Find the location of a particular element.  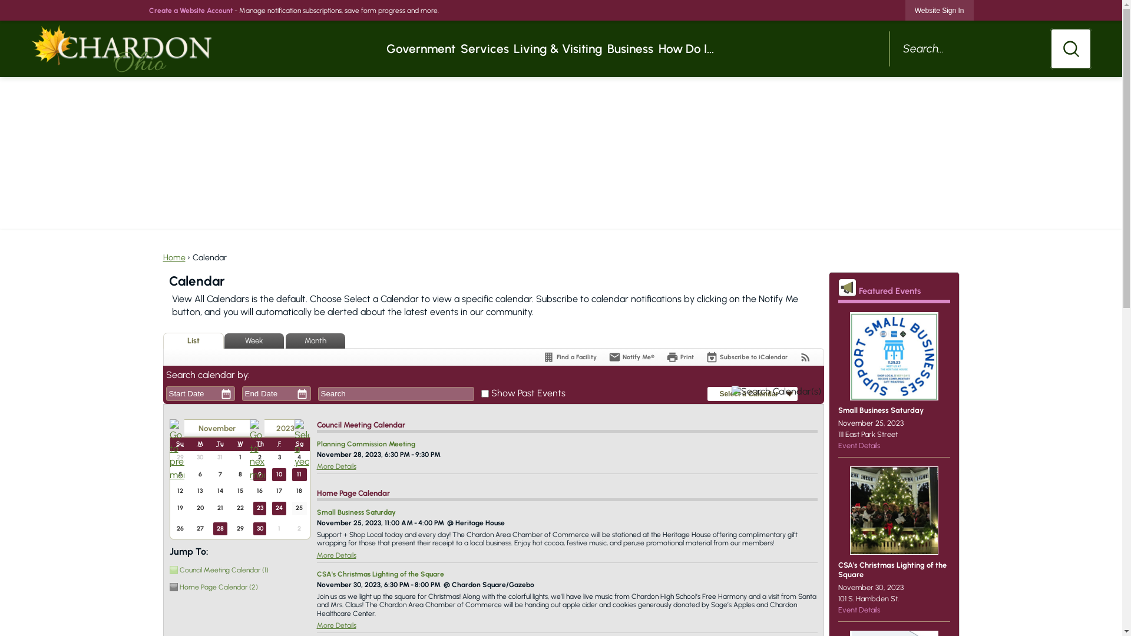

'Week' is located at coordinates (253, 340).